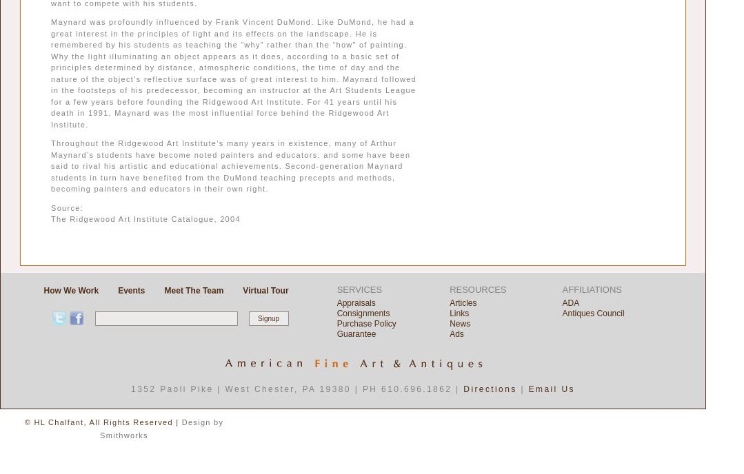 This screenshot has width=744, height=474. What do you see at coordinates (356, 333) in the screenshot?
I see `'Guarantee'` at bounding box center [356, 333].